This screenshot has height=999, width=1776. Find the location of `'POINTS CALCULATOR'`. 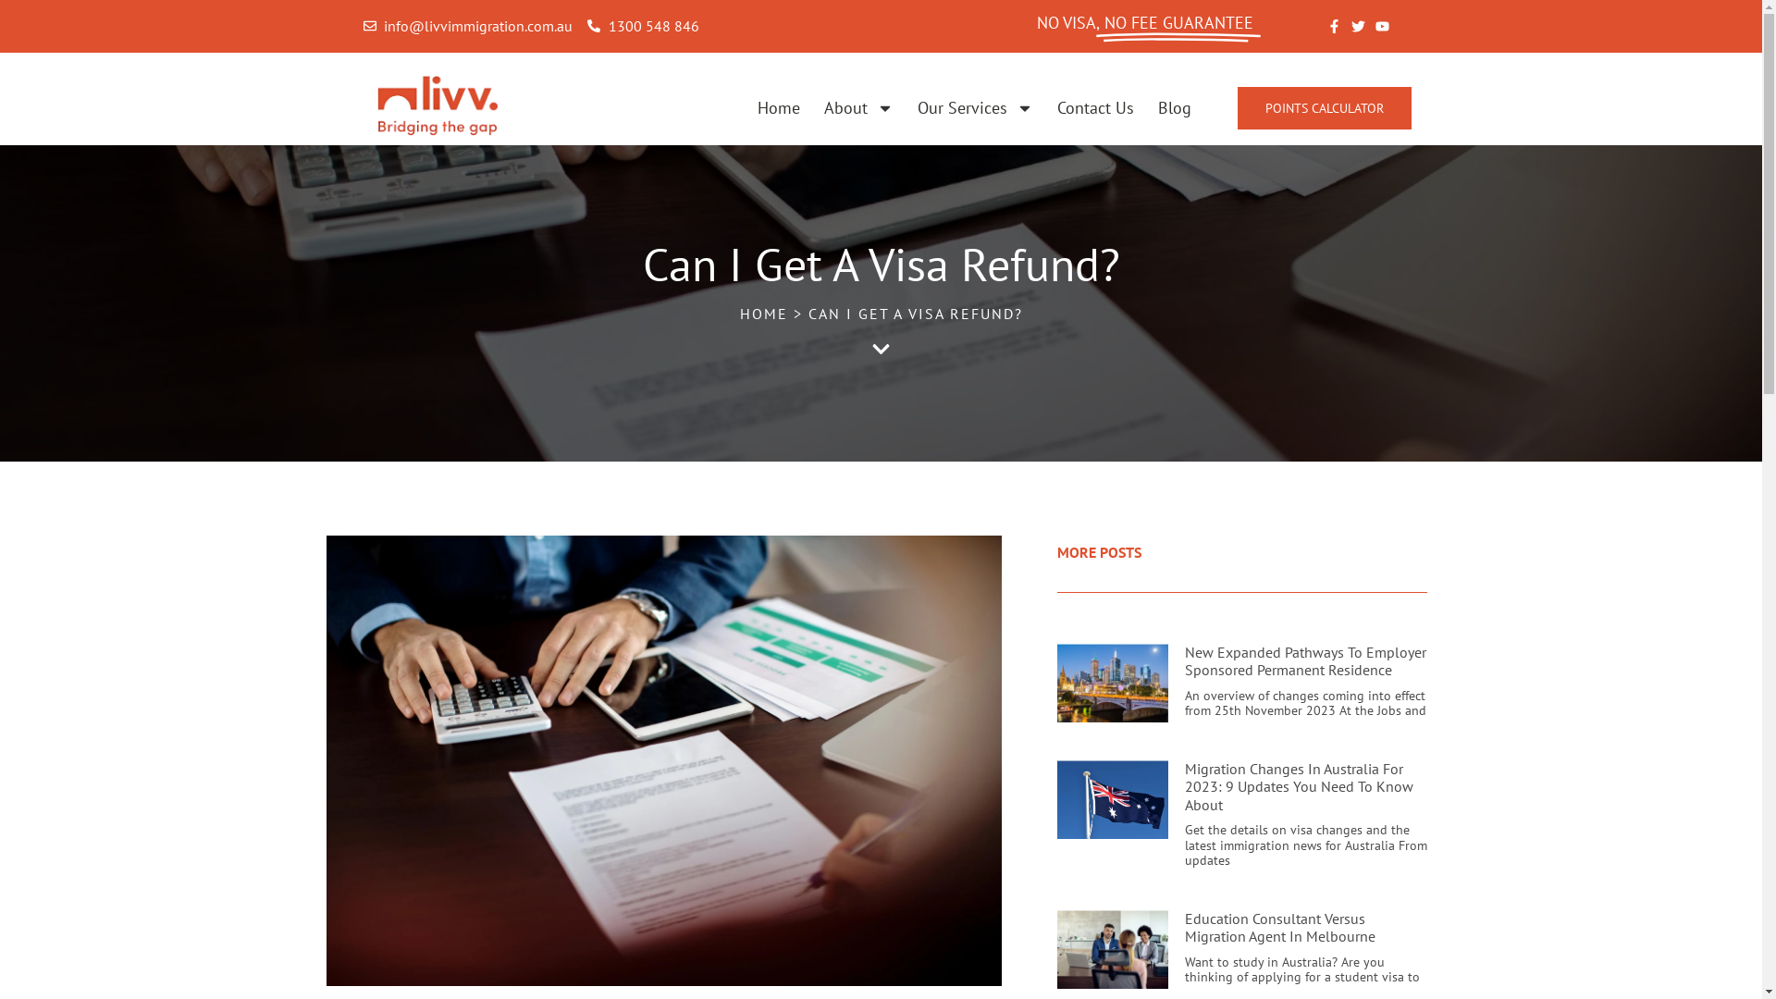

'POINTS CALCULATOR' is located at coordinates (1323, 107).